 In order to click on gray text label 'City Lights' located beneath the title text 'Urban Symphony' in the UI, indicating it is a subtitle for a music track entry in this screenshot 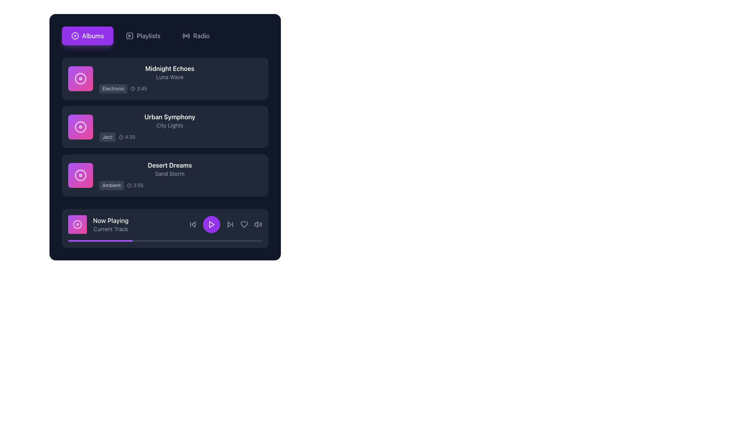, I will do `click(169, 125)`.